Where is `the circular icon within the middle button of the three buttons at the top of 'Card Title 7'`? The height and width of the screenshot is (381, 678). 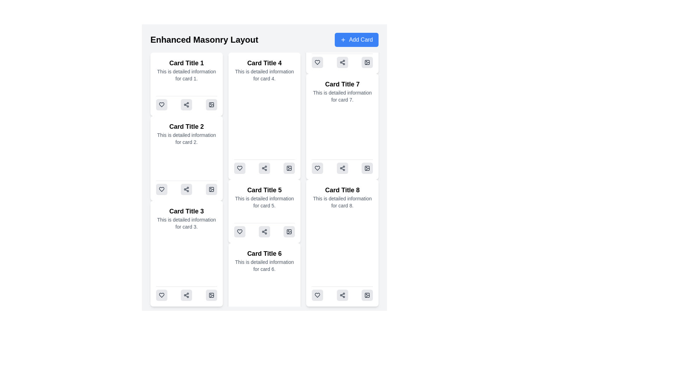
the circular icon within the middle button of the three buttons at the top of 'Card Title 7' is located at coordinates (342, 62).